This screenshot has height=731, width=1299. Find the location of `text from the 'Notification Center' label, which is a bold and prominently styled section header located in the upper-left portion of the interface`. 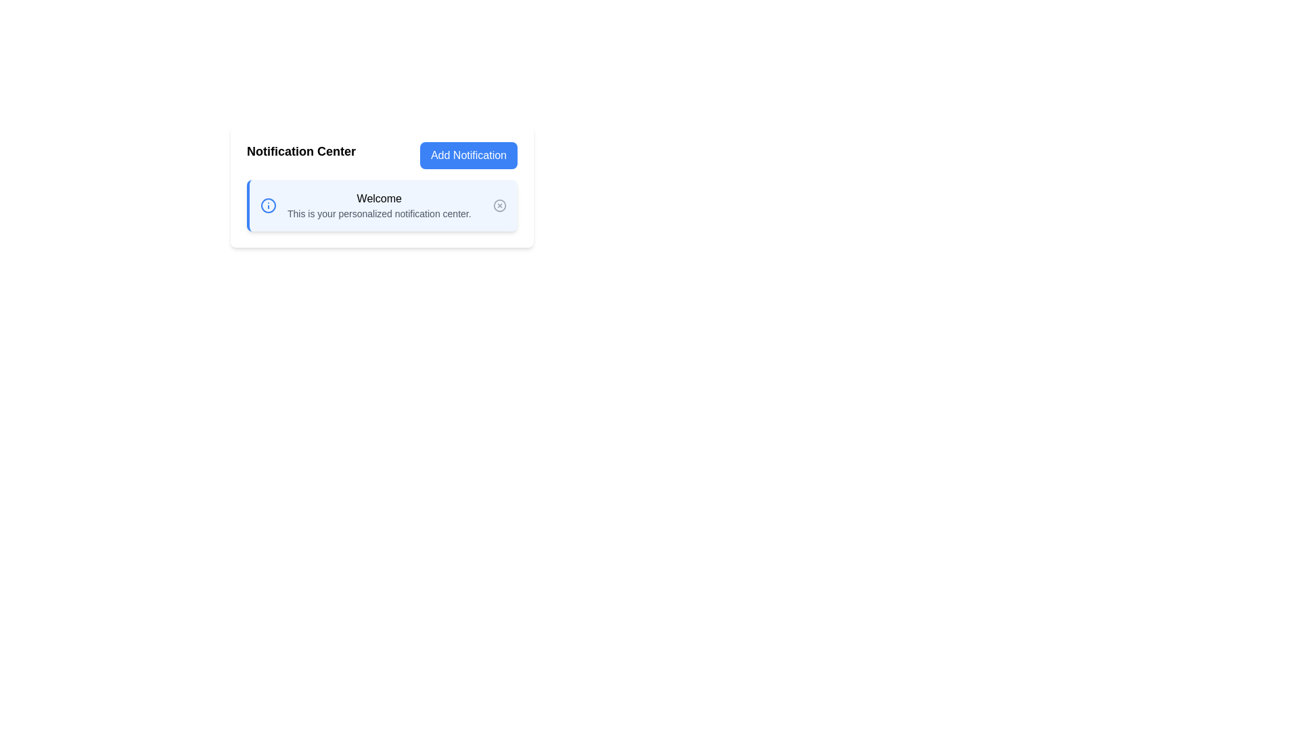

text from the 'Notification Center' label, which is a bold and prominently styled section header located in the upper-left portion of the interface is located at coordinates (300, 155).